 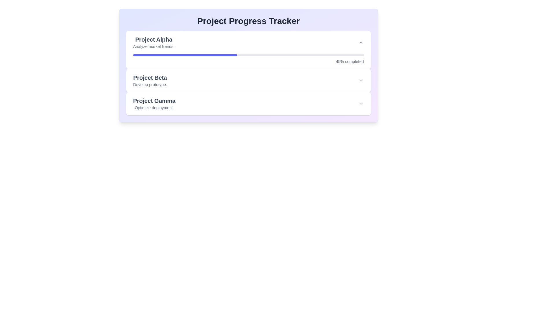 I want to click on the horizontal progress bar indicating 45% completion located in the 'Project Alpha' section, below the title 'Project Alpha' and above the label '45% completed', so click(x=248, y=55).